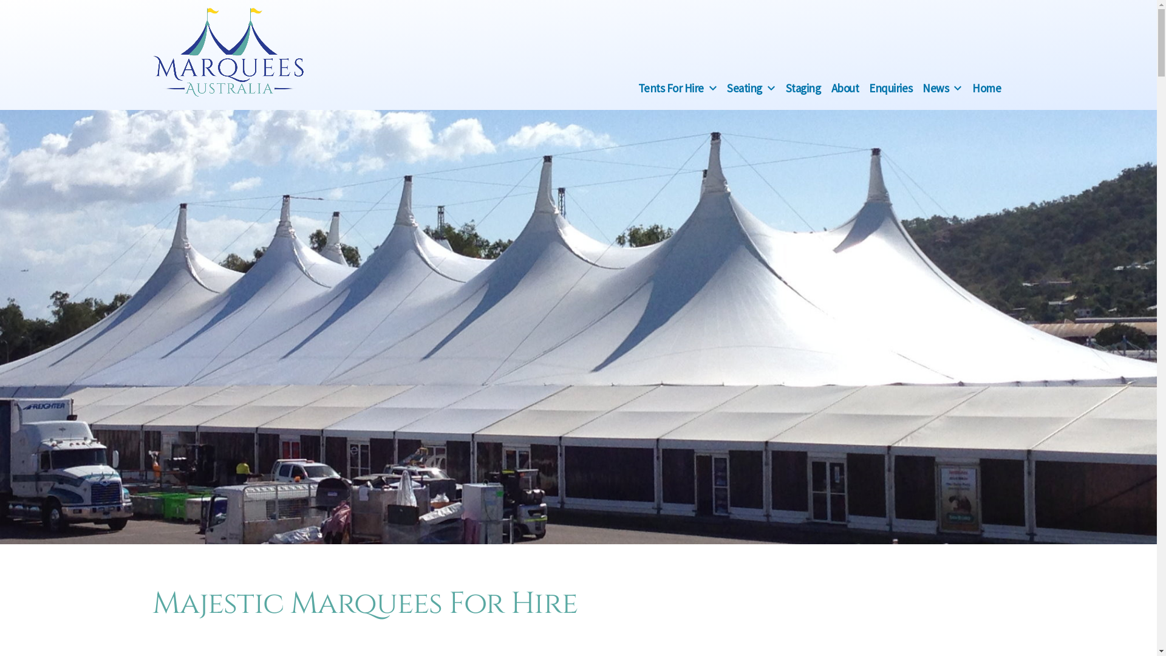 The height and width of the screenshot is (656, 1166). I want to click on 'About', so click(845, 86).